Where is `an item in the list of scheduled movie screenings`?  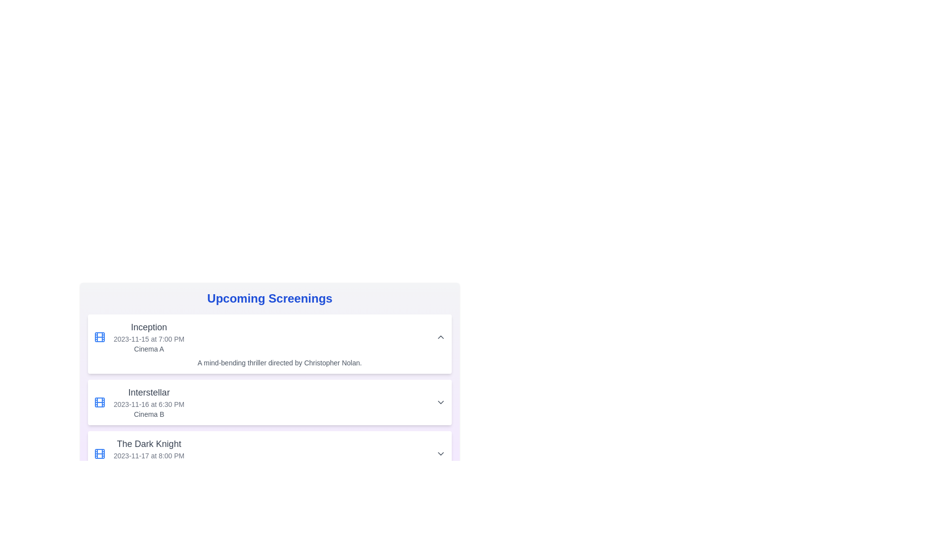
an item in the list of scheduled movie screenings is located at coordinates (270, 395).